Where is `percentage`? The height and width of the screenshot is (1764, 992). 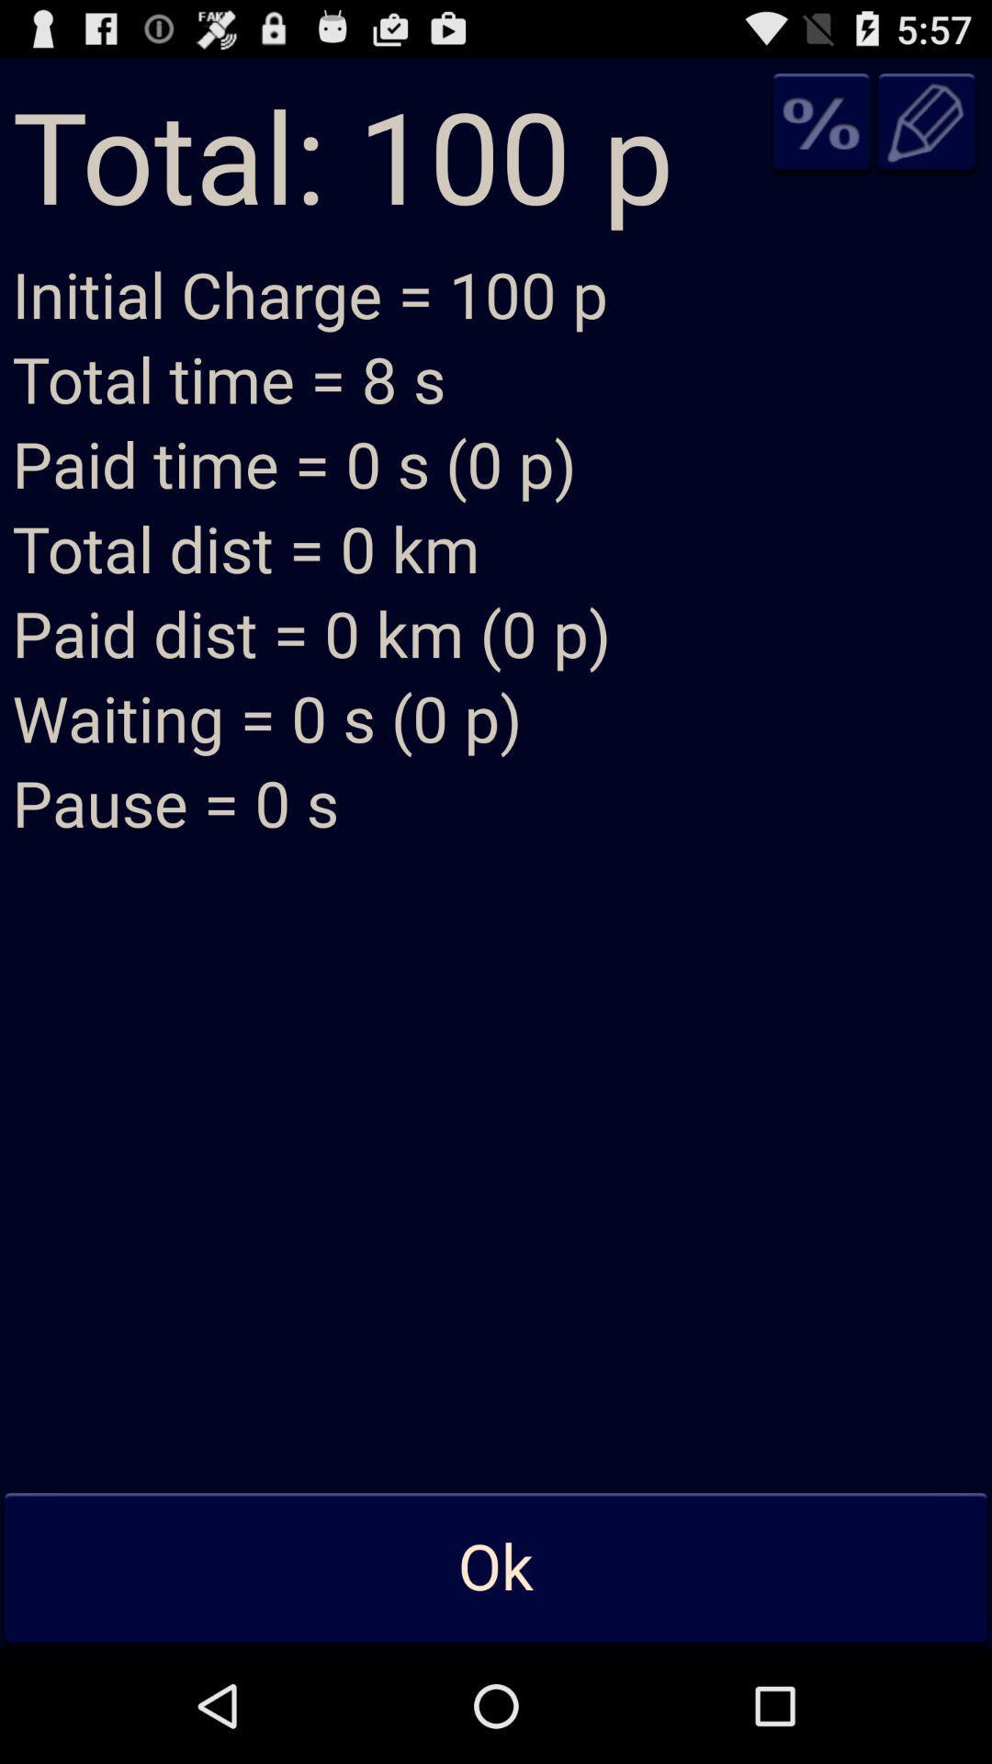
percentage is located at coordinates (820, 121).